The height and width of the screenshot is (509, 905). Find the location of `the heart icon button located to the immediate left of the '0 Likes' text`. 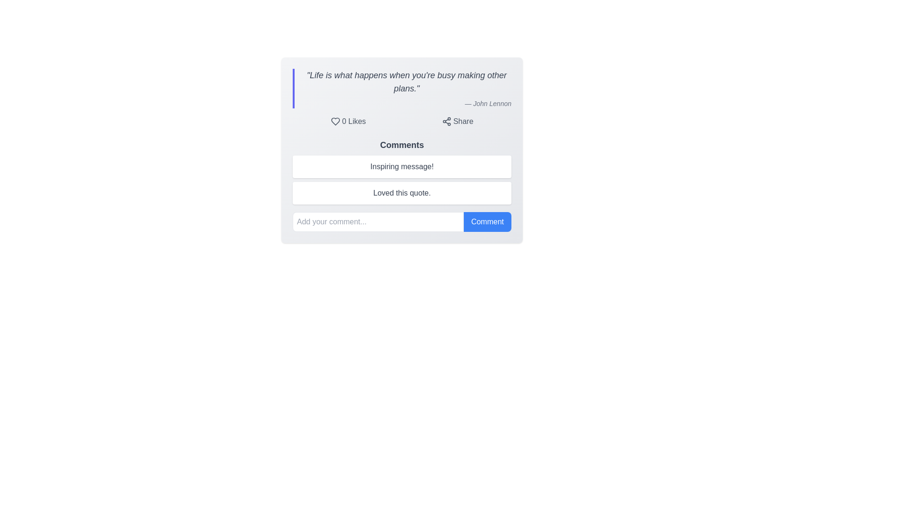

the heart icon button located to the immediate left of the '0 Likes' text is located at coordinates (335, 121).